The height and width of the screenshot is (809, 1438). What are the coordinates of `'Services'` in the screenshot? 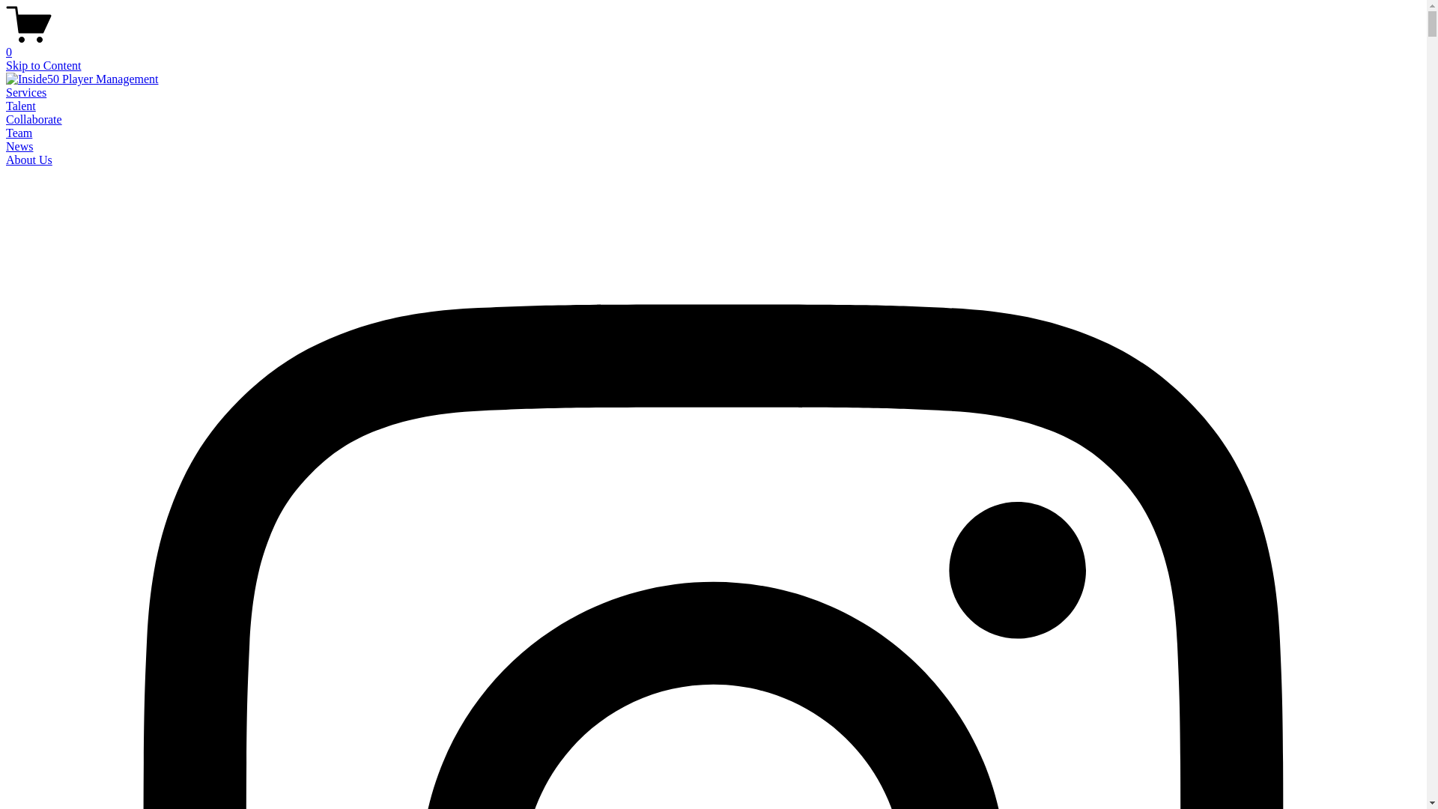 It's located at (6, 92).